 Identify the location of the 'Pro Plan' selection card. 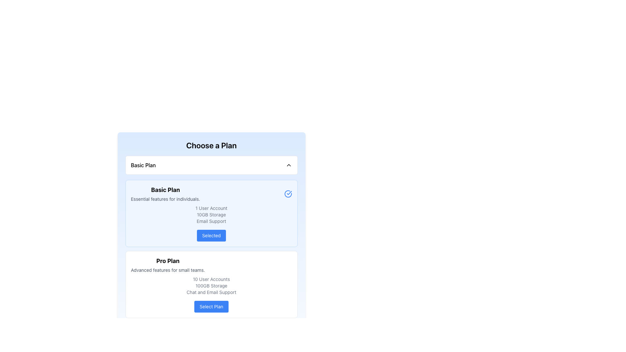
(211, 284).